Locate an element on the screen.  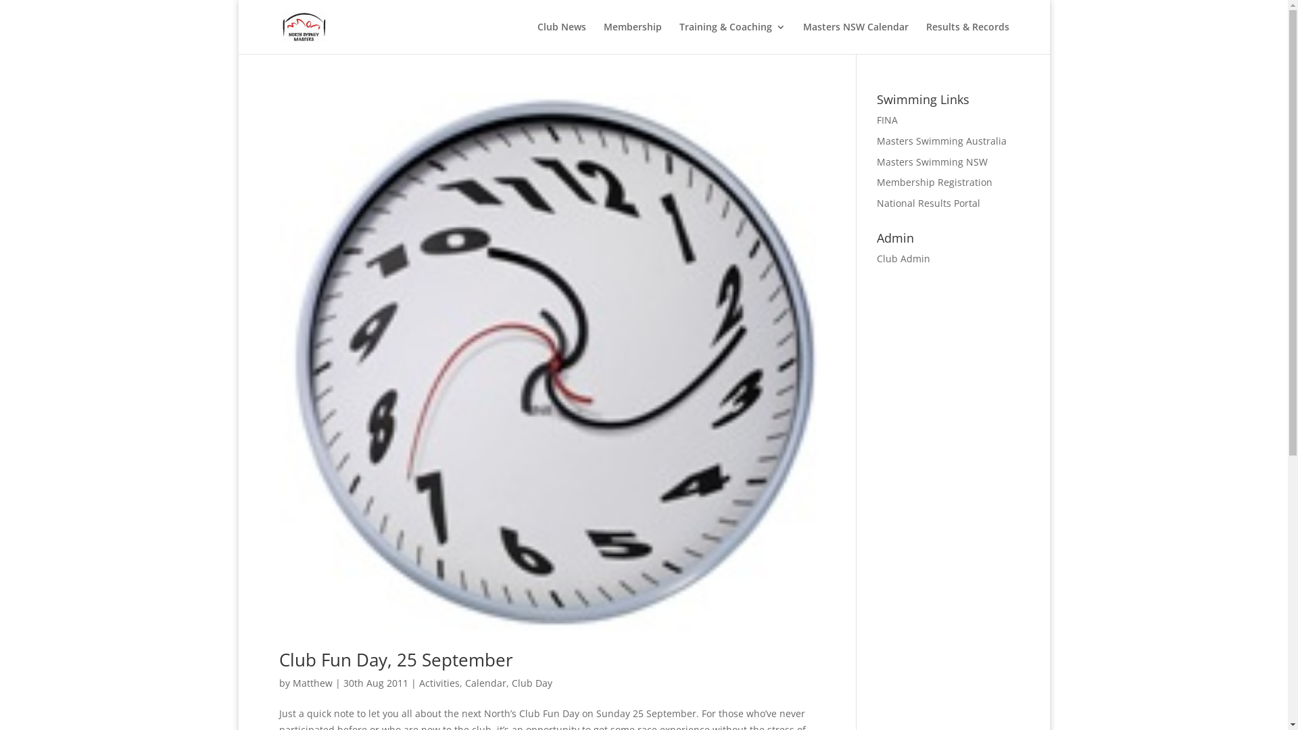
'Matthew' is located at coordinates (291, 683).